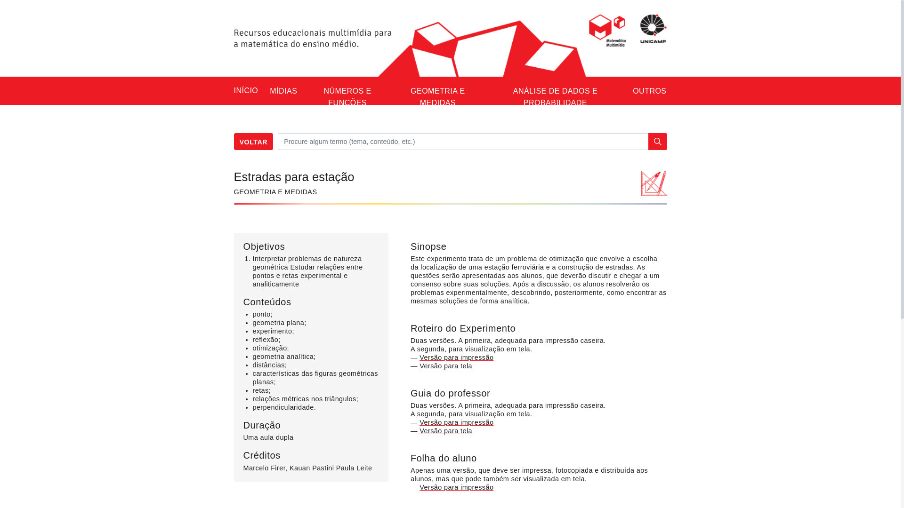 This screenshot has height=508, width=904. I want to click on 'OUTROS', so click(649, 90).